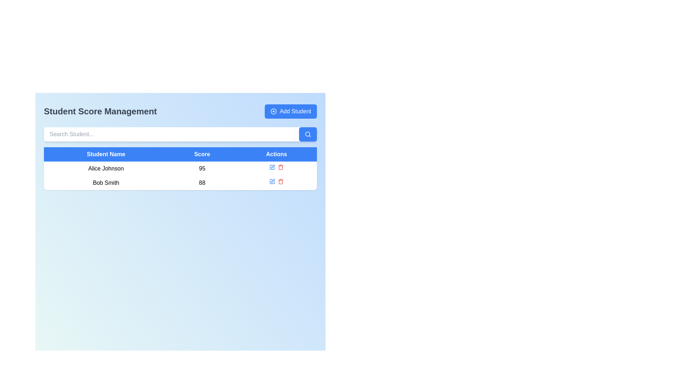 This screenshot has width=686, height=386. I want to click on the edit icon button in the 'Actions' column of the second row of the table, so click(272, 167).